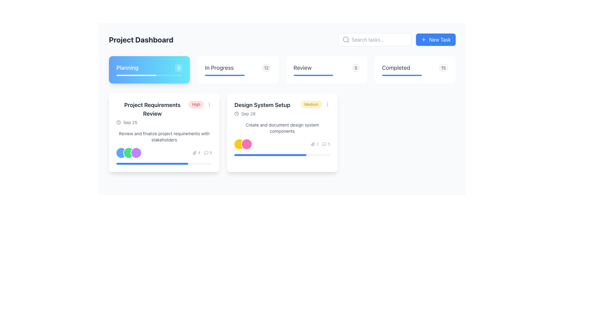 The height and width of the screenshot is (335, 596). What do you see at coordinates (236, 114) in the screenshot?
I see `the date/time icon located immediately to the left of the text 'Sep 28' in the 'Design System Setup' card on the right side of the two-card layout under the 'Planning' tab` at bounding box center [236, 114].